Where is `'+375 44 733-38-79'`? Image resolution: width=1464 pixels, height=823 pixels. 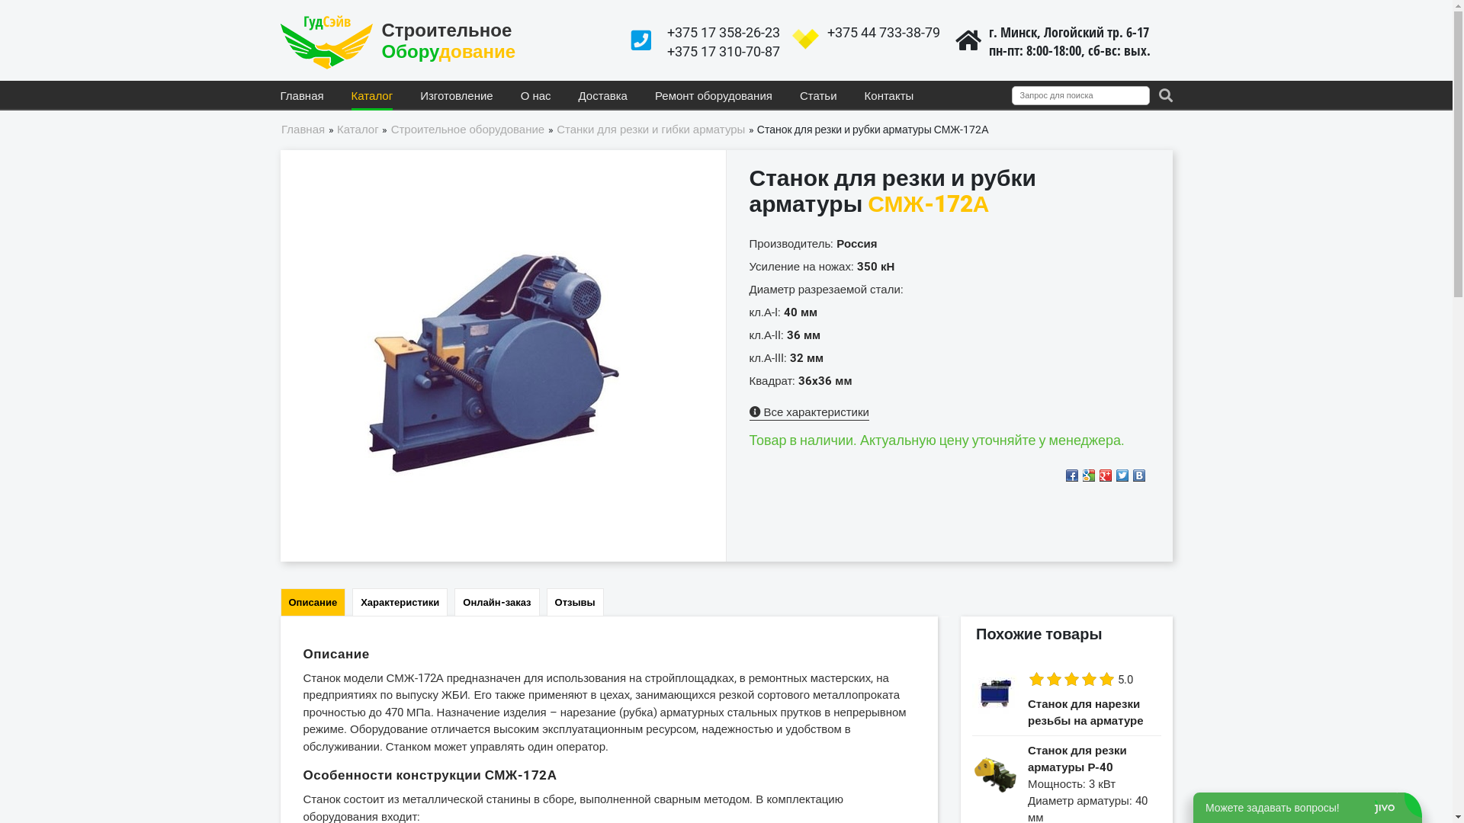
'+375 44 733-38-79' is located at coordinates (882, 32).